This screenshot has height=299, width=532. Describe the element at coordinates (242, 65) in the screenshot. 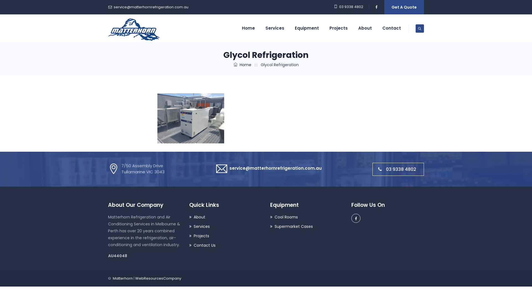

I see `'  Home'` at that location.